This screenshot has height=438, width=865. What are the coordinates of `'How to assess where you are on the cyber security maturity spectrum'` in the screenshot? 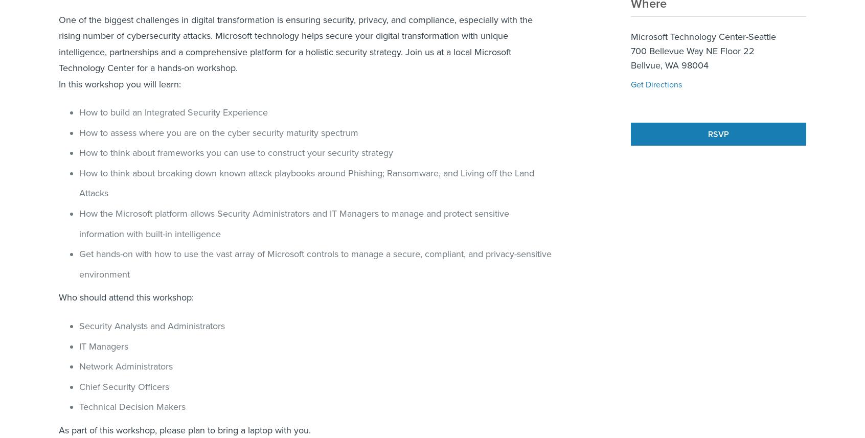 It's located at (218, 132).